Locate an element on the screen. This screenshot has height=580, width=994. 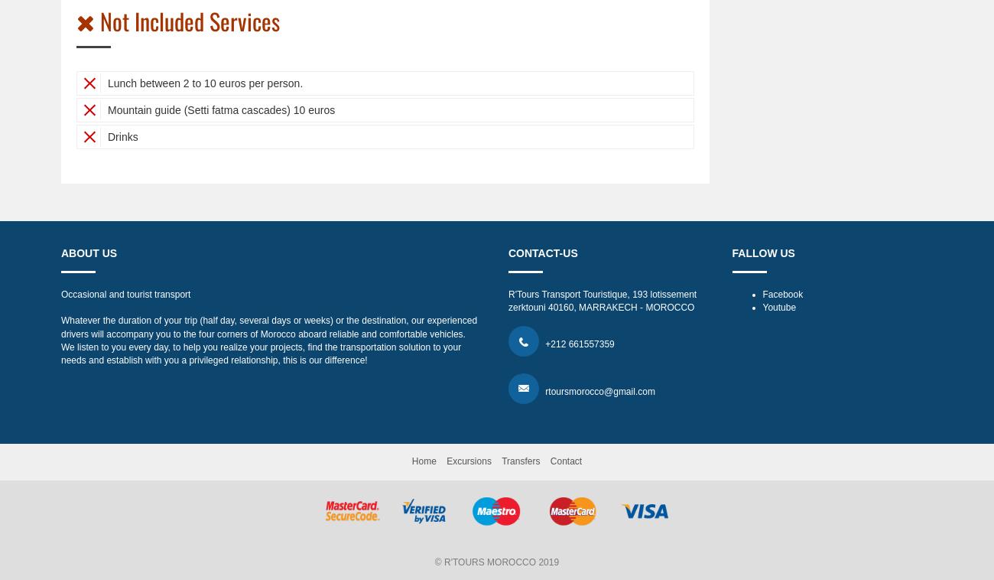
'Whatever the duration of your trip (half day, several days or weeks) or the destination, our experienced drivers will accompany you to the four corners of Morocco aboard reliable and comfortable vehicles.' is located at coordinates (268, 326).